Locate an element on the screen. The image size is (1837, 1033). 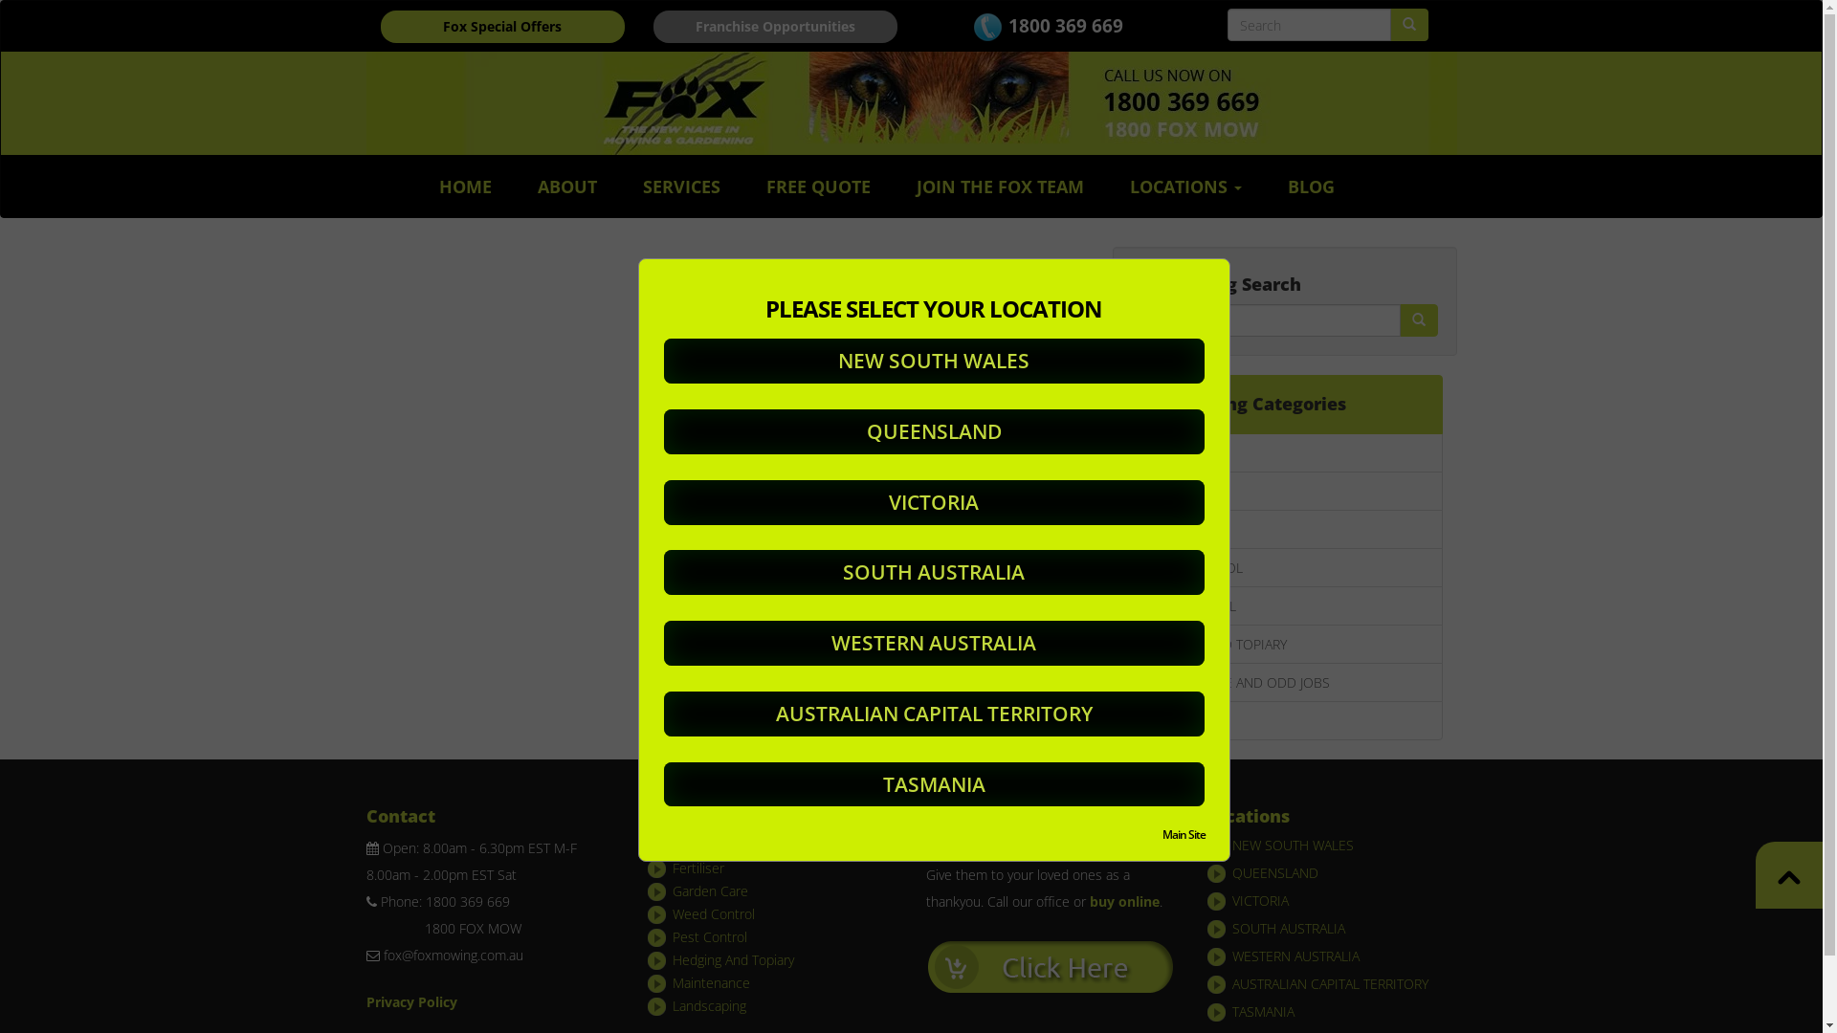
'Franchise Opportunities' is located at coordinates (774, 26).